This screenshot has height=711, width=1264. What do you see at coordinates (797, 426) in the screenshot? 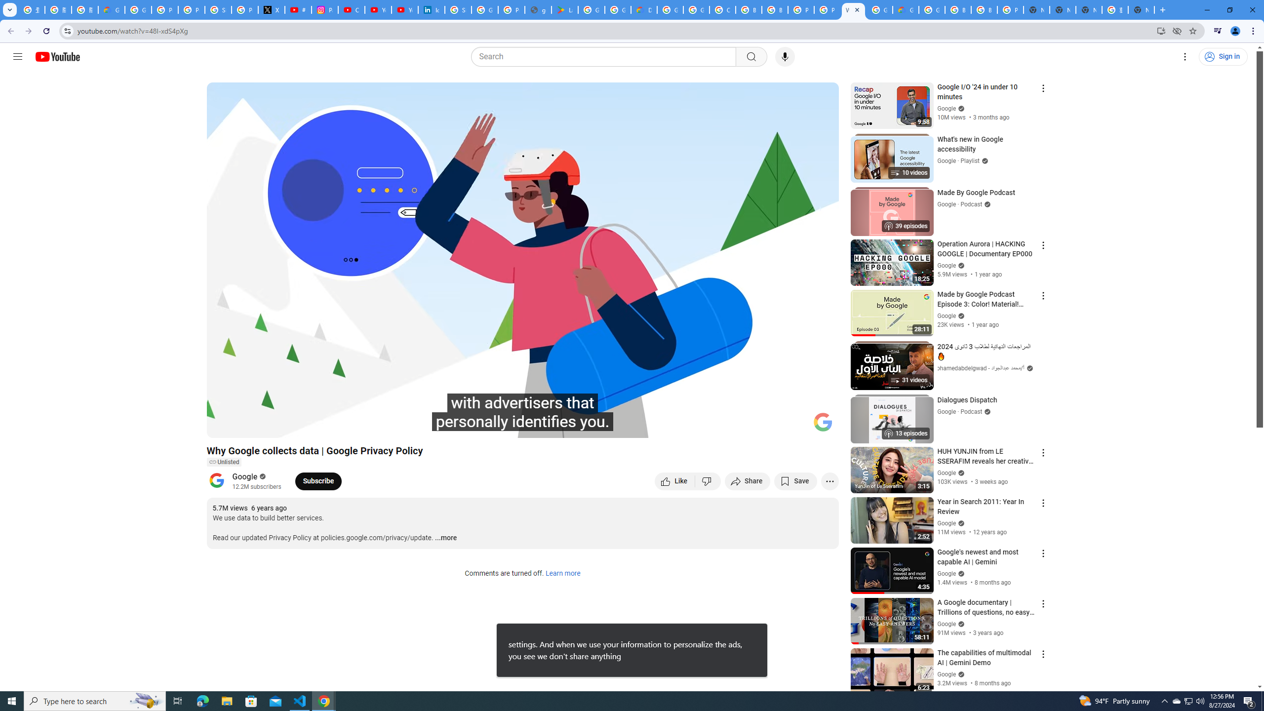
I see `'Theater mode (t)'` at bounding box center [797, 426].